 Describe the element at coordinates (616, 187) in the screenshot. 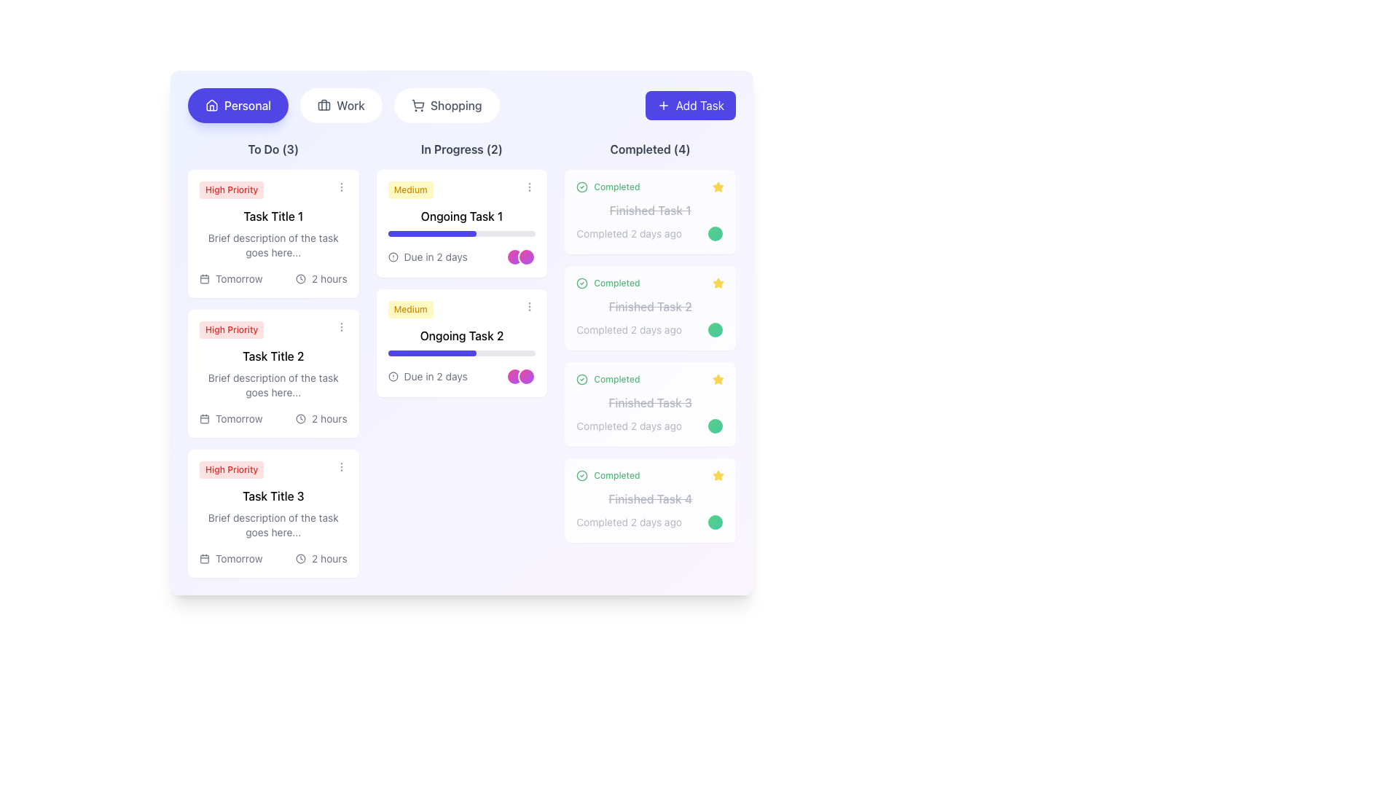

I see `the 'Completed' text label, which is styled in green and indicates a completion status, located next to the icon in the 'Completed' section beside the task card 'Finished Task 1'` at that location.